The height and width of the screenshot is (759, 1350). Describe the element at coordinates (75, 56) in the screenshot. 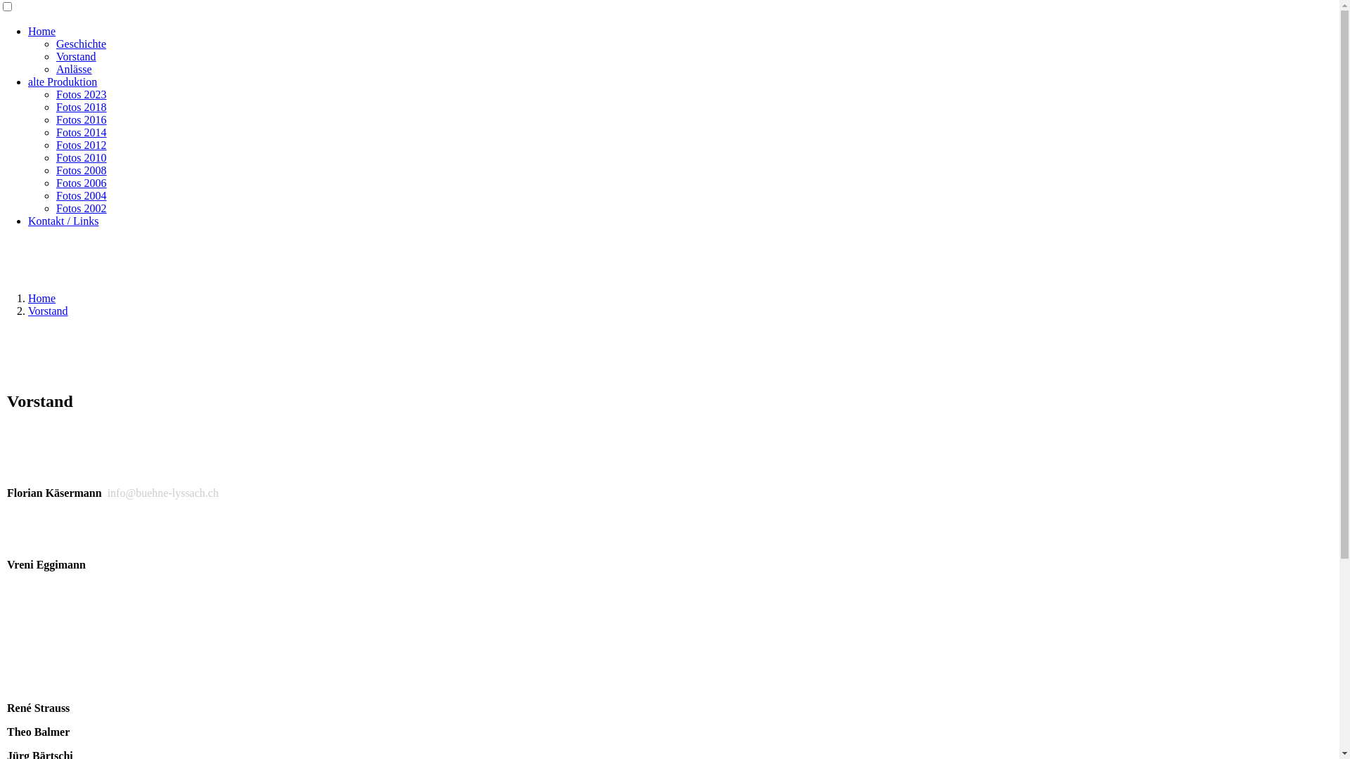

I see `'Vorstand'` at that location.